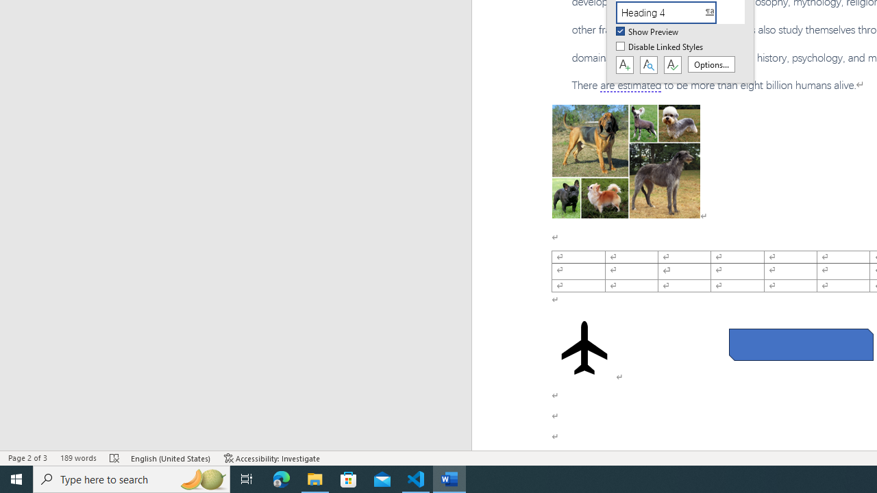 The width and height of the screenshot is (877, 493). I want to click on 'Airplane with solid fill', so click(584, 346).